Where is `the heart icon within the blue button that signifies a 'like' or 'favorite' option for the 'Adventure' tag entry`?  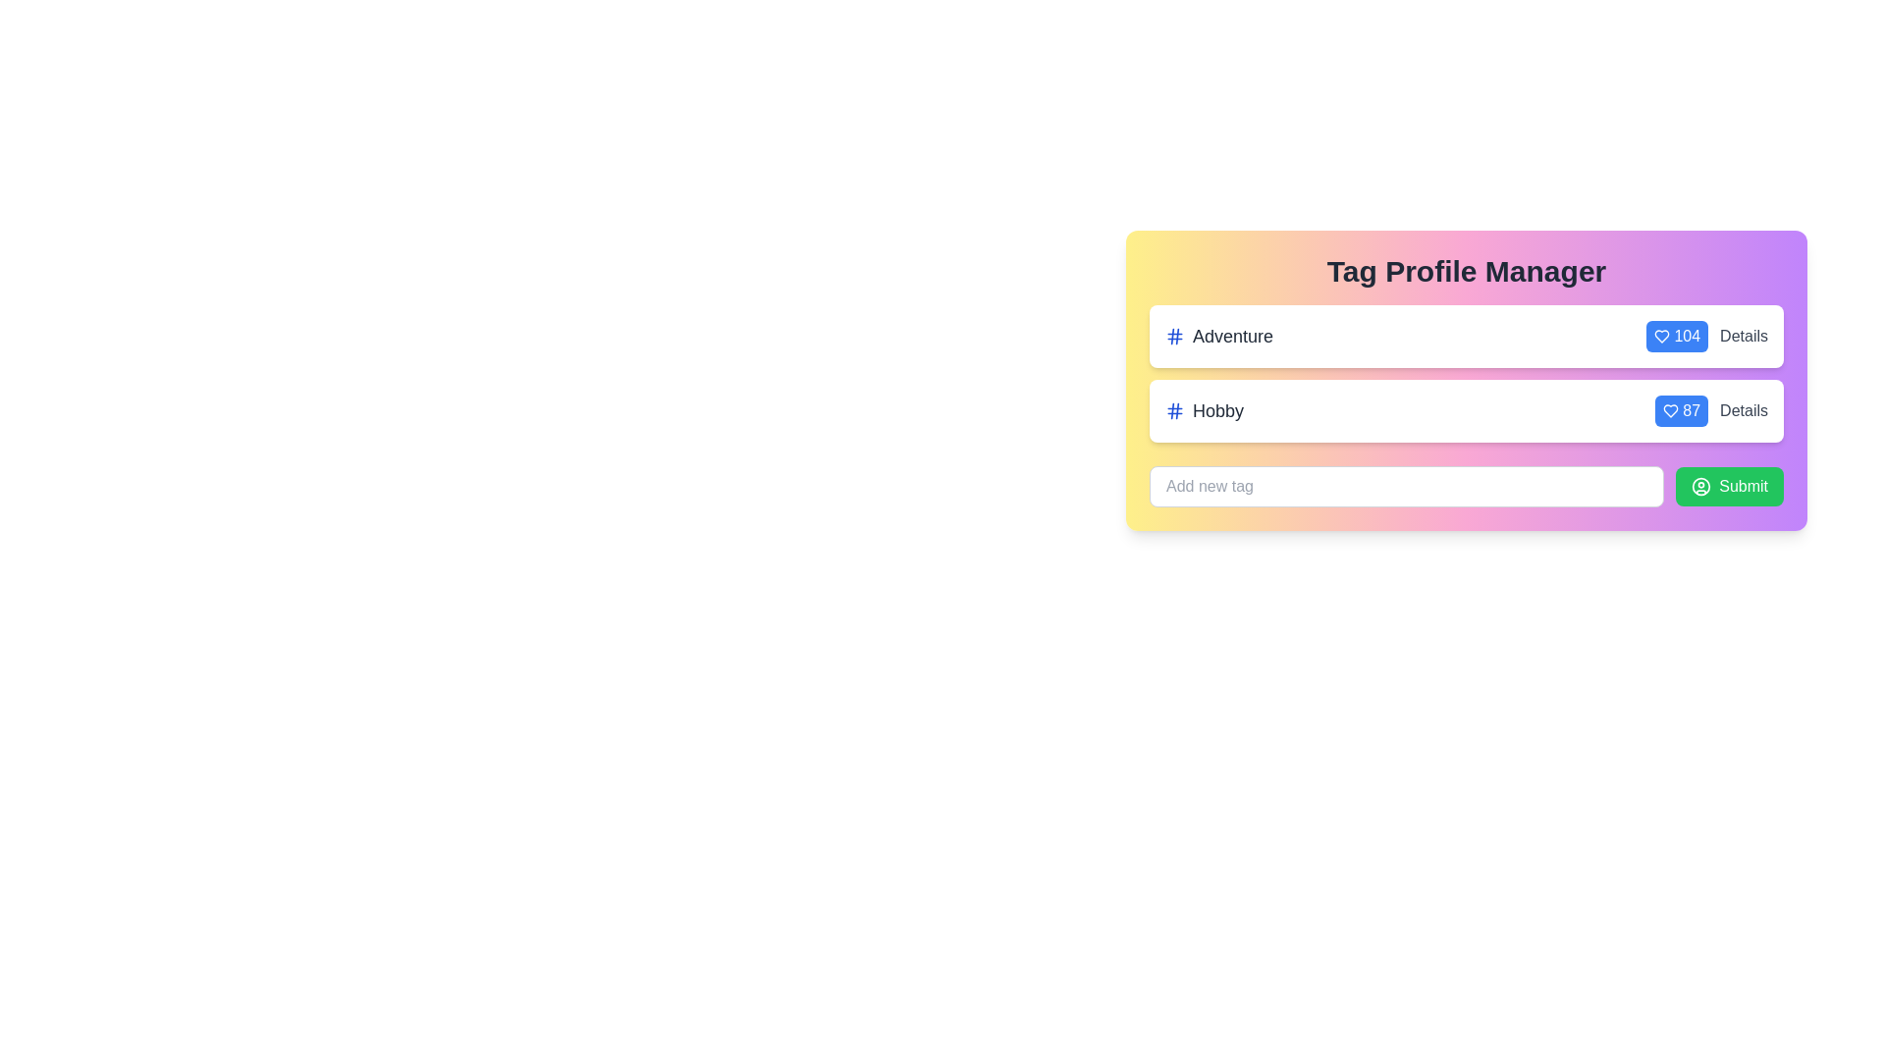
the heart icon within the blue button that signifies a 'like' or 'favorite' option for the 'Adventure' tag entry is located at coordinates (1661, 336).